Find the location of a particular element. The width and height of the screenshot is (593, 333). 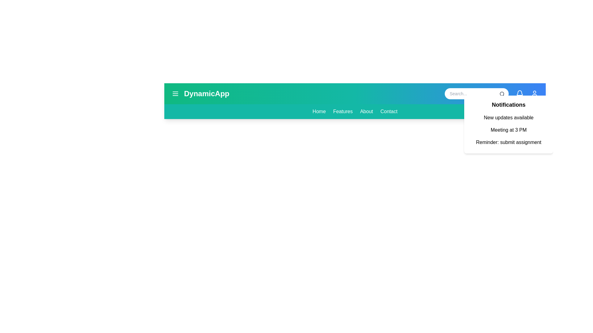

the bell icon to toggle the notifications dropdown visibility is located at coordinates (519, 94).